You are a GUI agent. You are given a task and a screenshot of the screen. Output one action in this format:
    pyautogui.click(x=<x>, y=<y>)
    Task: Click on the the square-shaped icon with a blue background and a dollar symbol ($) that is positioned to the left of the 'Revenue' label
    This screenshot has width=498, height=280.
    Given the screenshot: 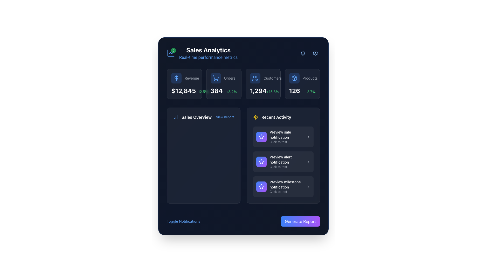 What is the action you would take?
    pyautogui.click(x=176, y=78)
    